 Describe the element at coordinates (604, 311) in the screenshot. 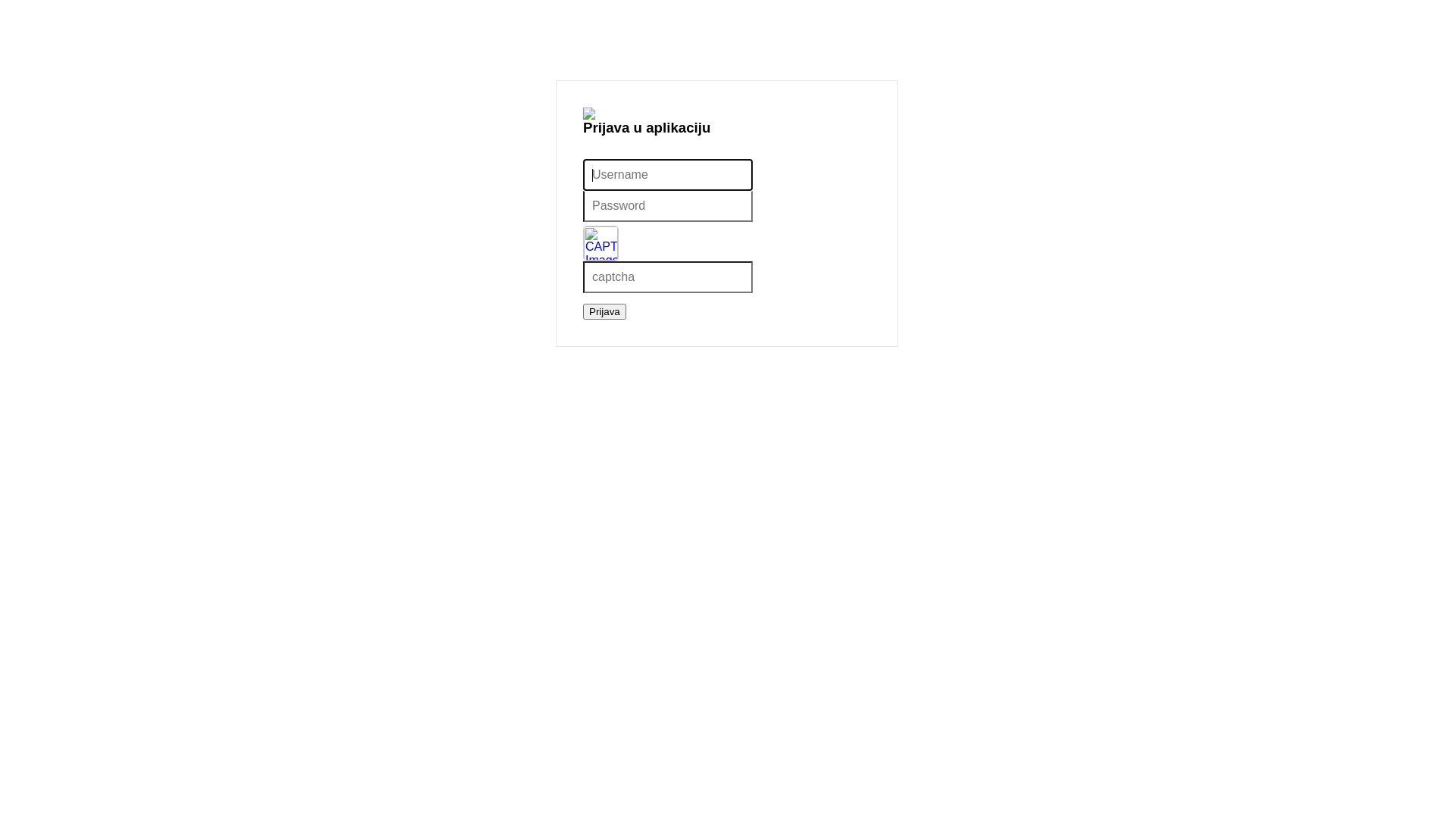

I see `'Prijava'` at that location.